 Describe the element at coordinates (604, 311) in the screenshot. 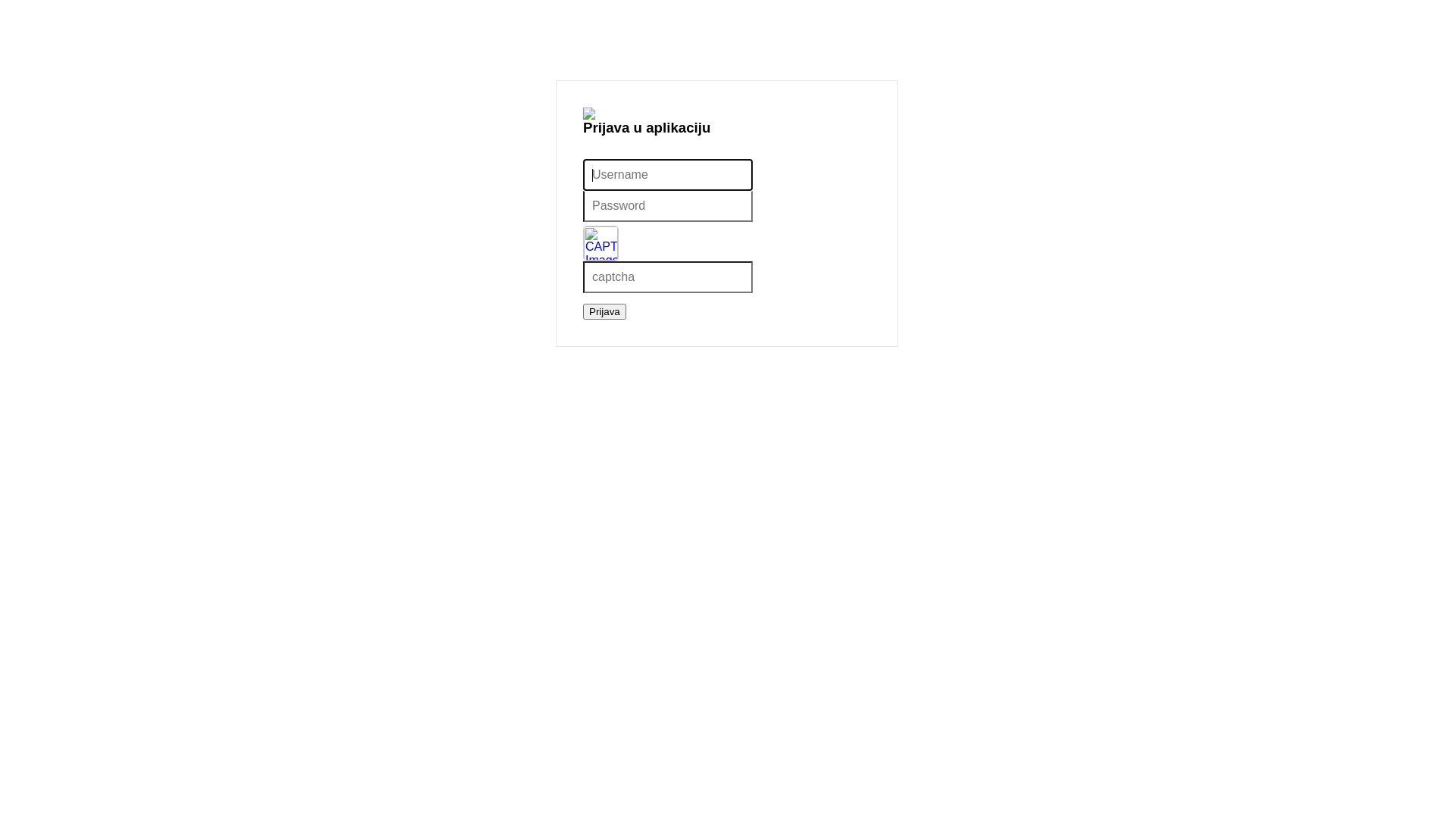

I see `'Prijava'` at that location.